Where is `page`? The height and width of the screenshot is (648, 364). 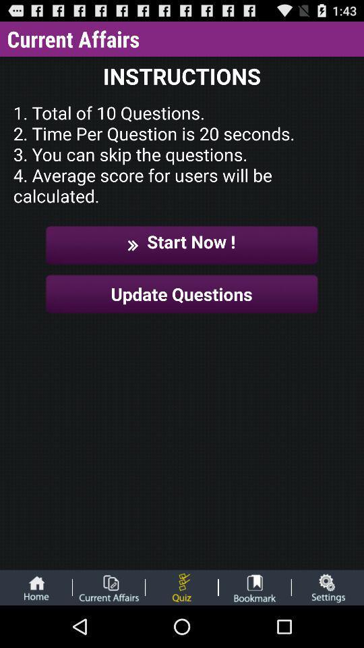 page is located at coordinates (108, 587).